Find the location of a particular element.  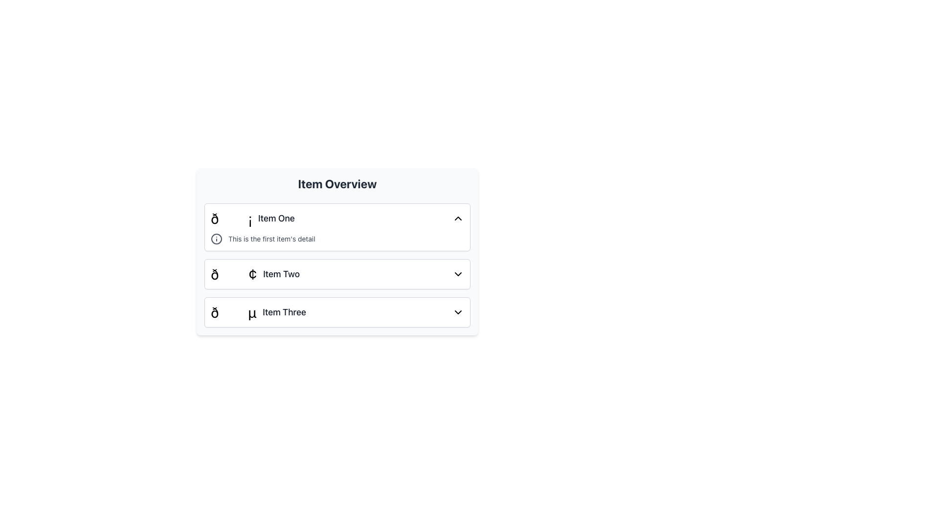

the chevron icon located at the far right of the 'Item Three' list entry is located at coordinates (457, 312).